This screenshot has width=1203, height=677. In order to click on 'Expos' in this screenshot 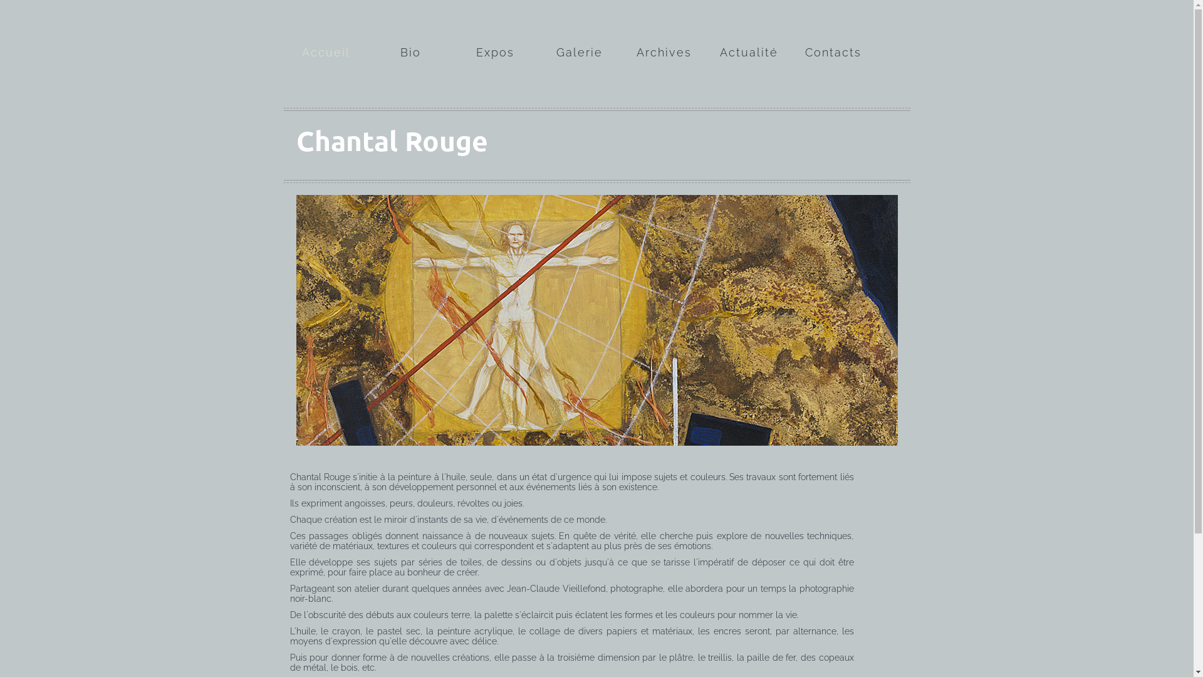, I will do `click(464, 34)`.